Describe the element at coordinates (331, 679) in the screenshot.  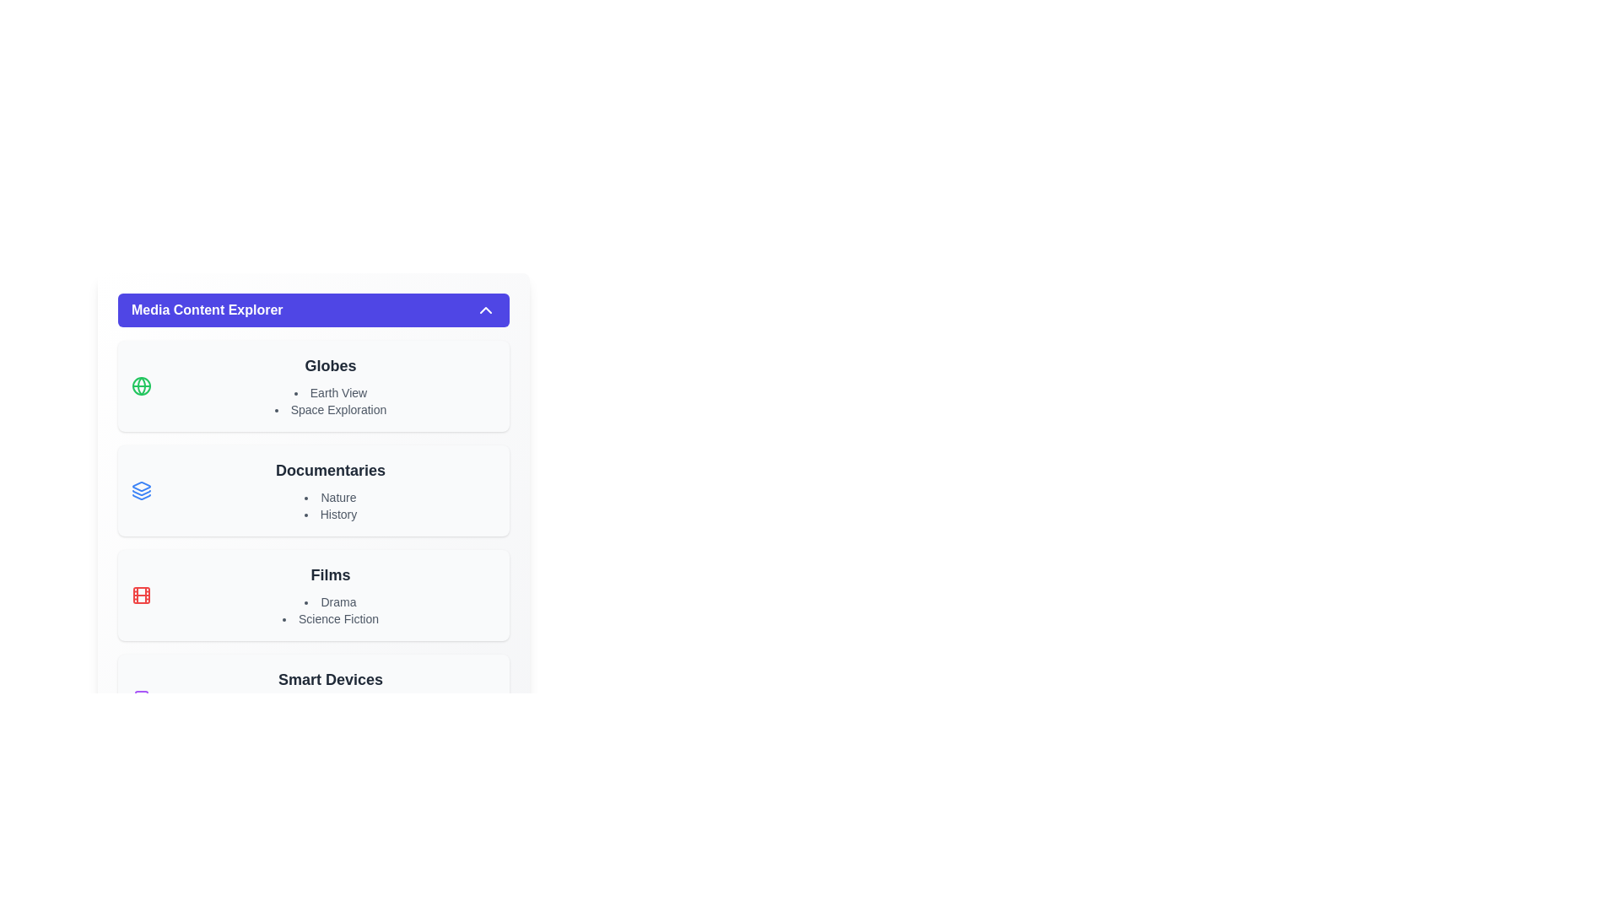
I see `the Text Label that serves as a header for a section related to smart devices, positioned centrally above its siblings like 'Tablets' and 'Watches'` at that location.